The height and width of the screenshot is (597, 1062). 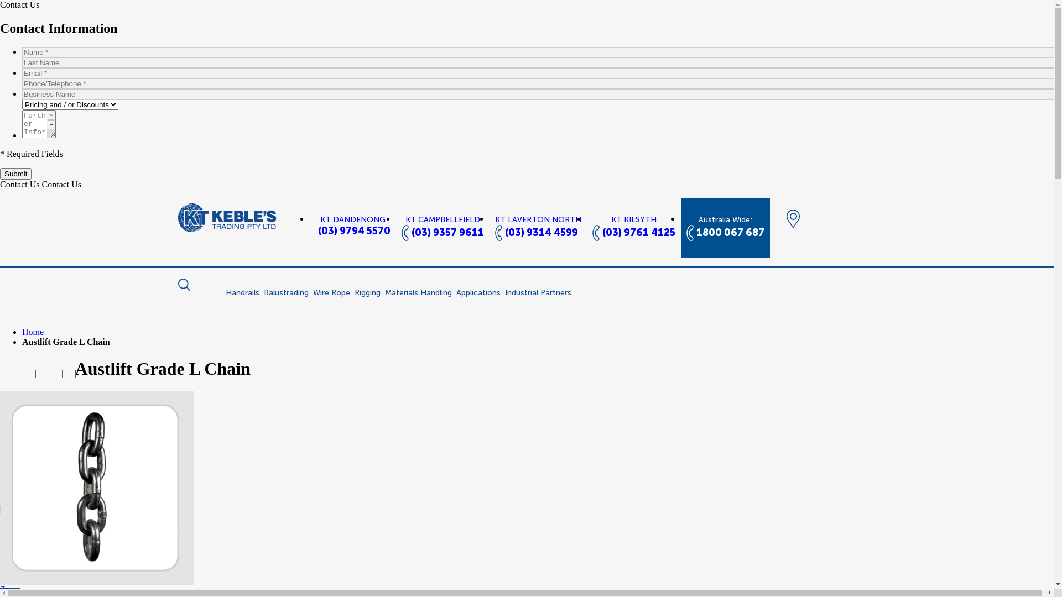 I want to click on 'Industrial Partners', so click(x=537, y=292).